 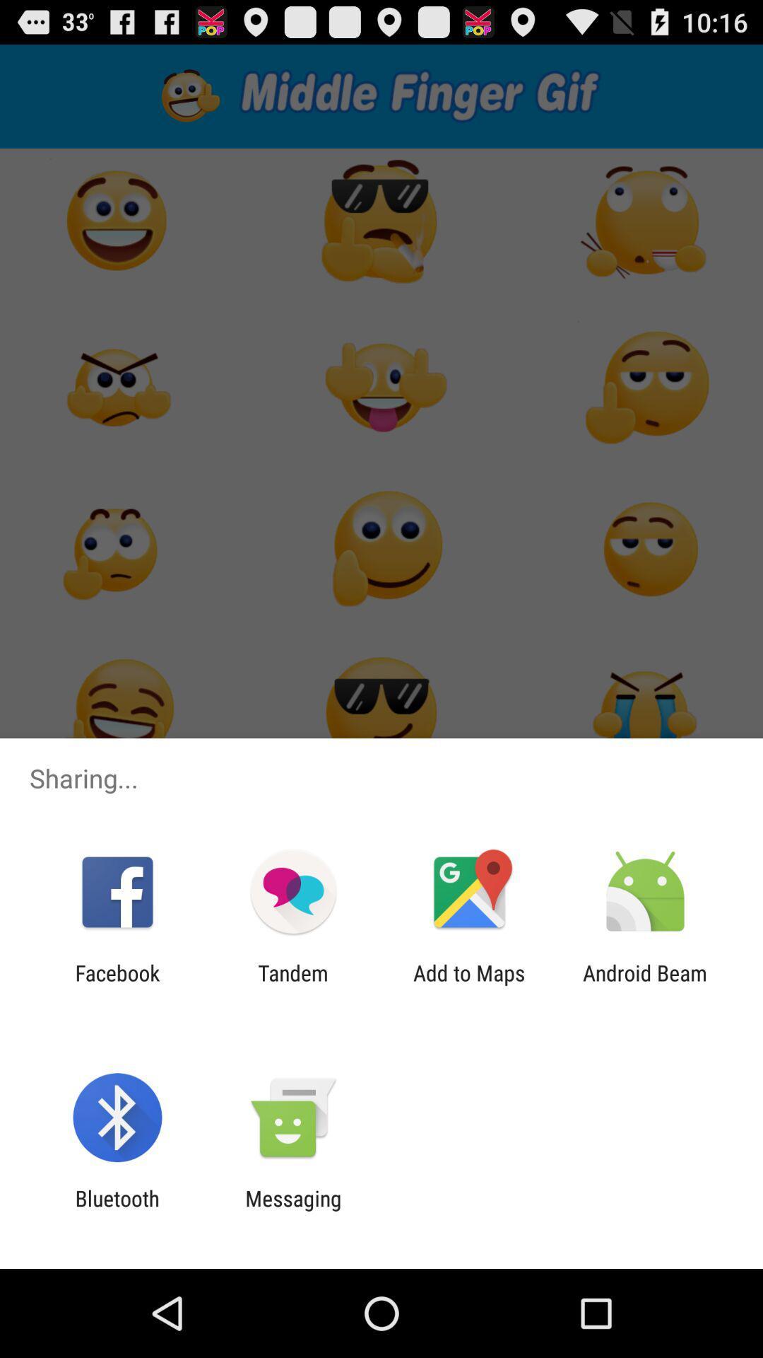 I want to click on tandem app, so click(x=292, y=985).